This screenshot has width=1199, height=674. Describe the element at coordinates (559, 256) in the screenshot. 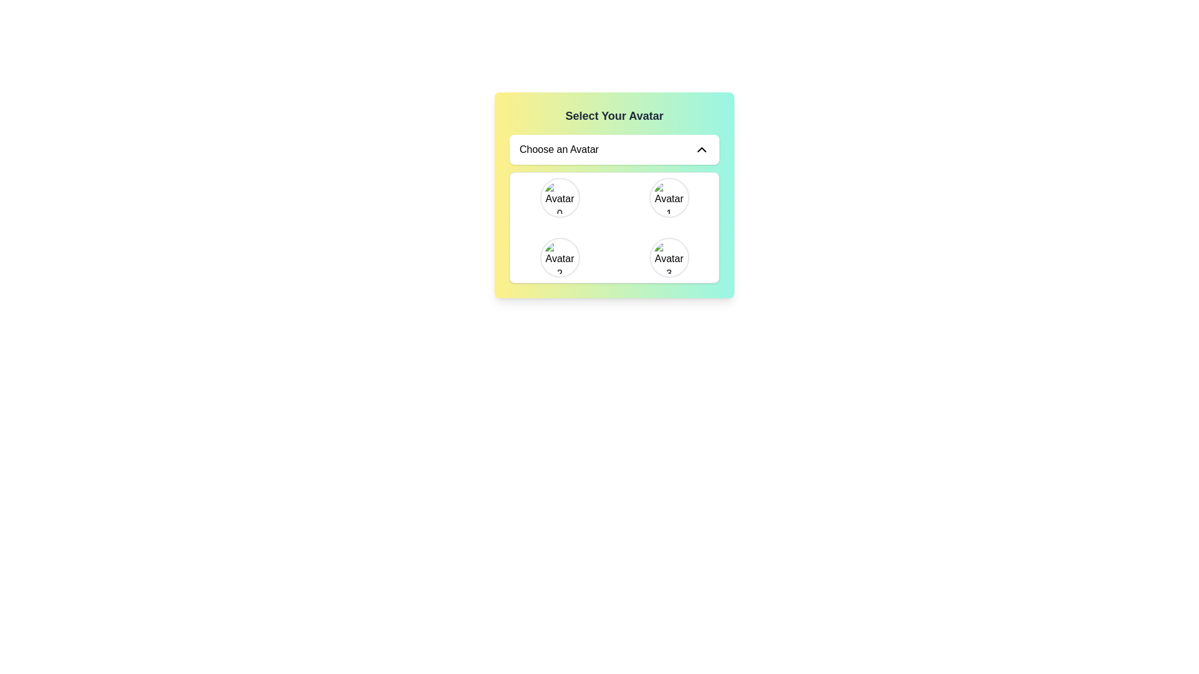

I see `the bottom-left circular avatar icon labeled 'Avatar 2' in the 'Select Your Avatar' selection menu` at that location.